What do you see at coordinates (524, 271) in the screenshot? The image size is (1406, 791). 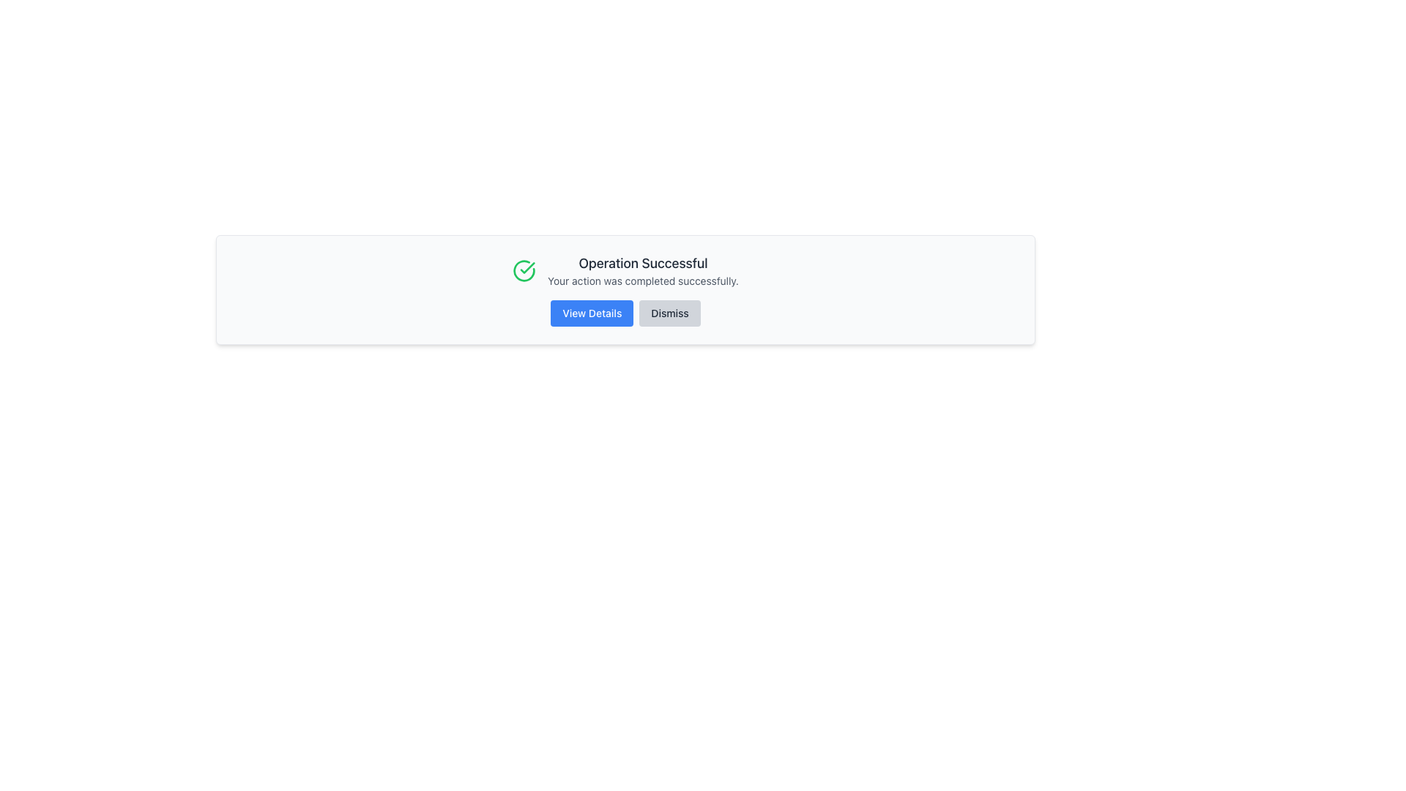 I see `the circular green outlined icon with a checkmark symbol, which indicates success, located to the left of the 'Operation Successful' text` at bounding box center [524, 271].